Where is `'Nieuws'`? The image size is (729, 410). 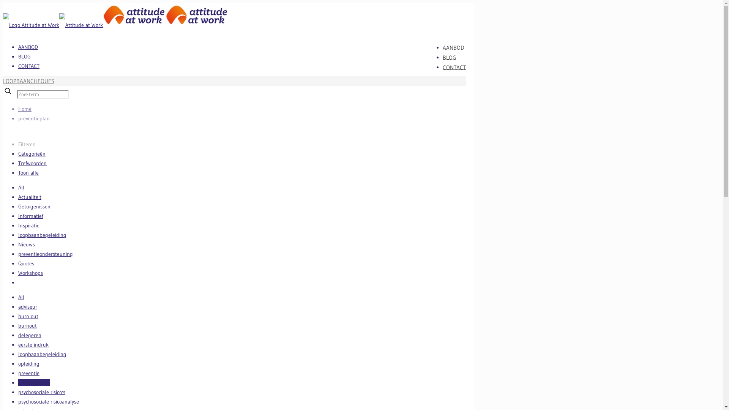
'Nieuws' is located at coordinates (27, 244).